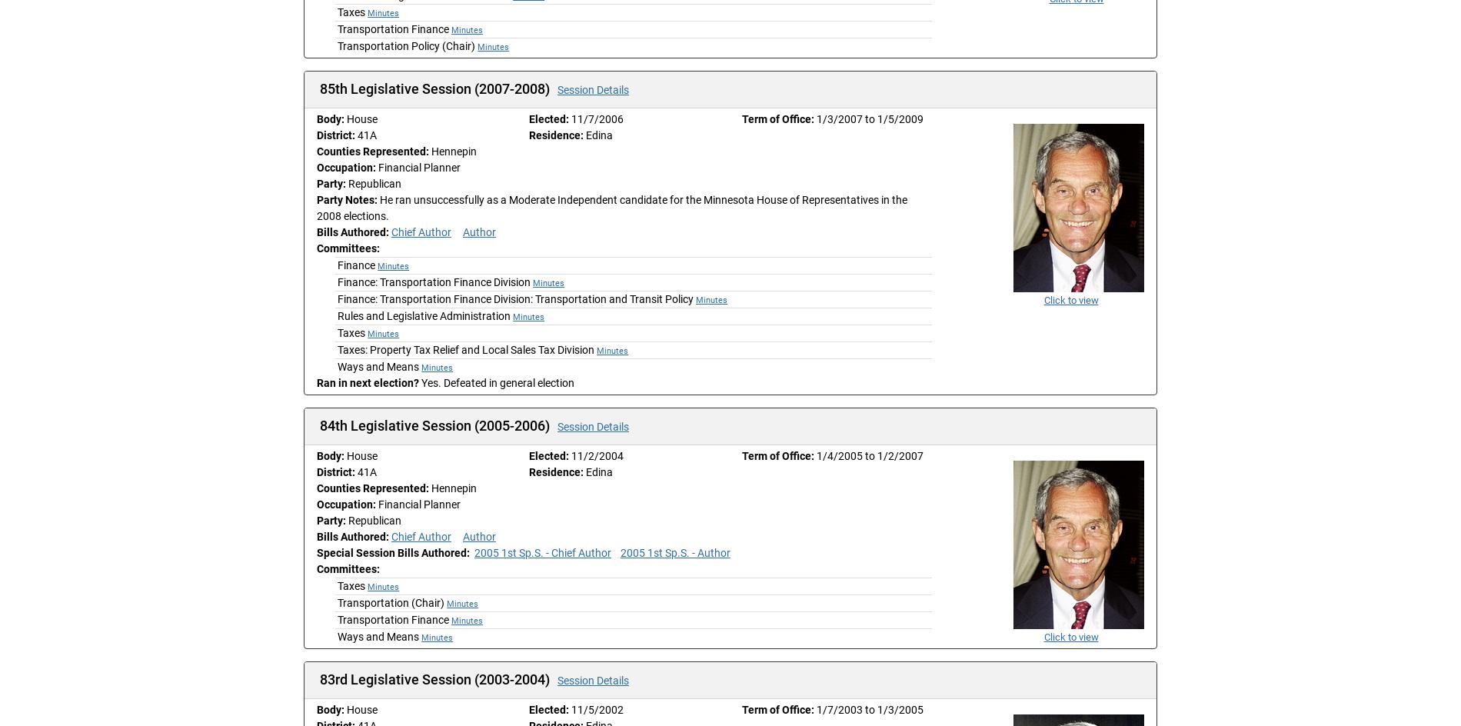 This screenshot has height=726, width=1461. I want to click on 'Yes. Defeated in general election', so click(497, 382).